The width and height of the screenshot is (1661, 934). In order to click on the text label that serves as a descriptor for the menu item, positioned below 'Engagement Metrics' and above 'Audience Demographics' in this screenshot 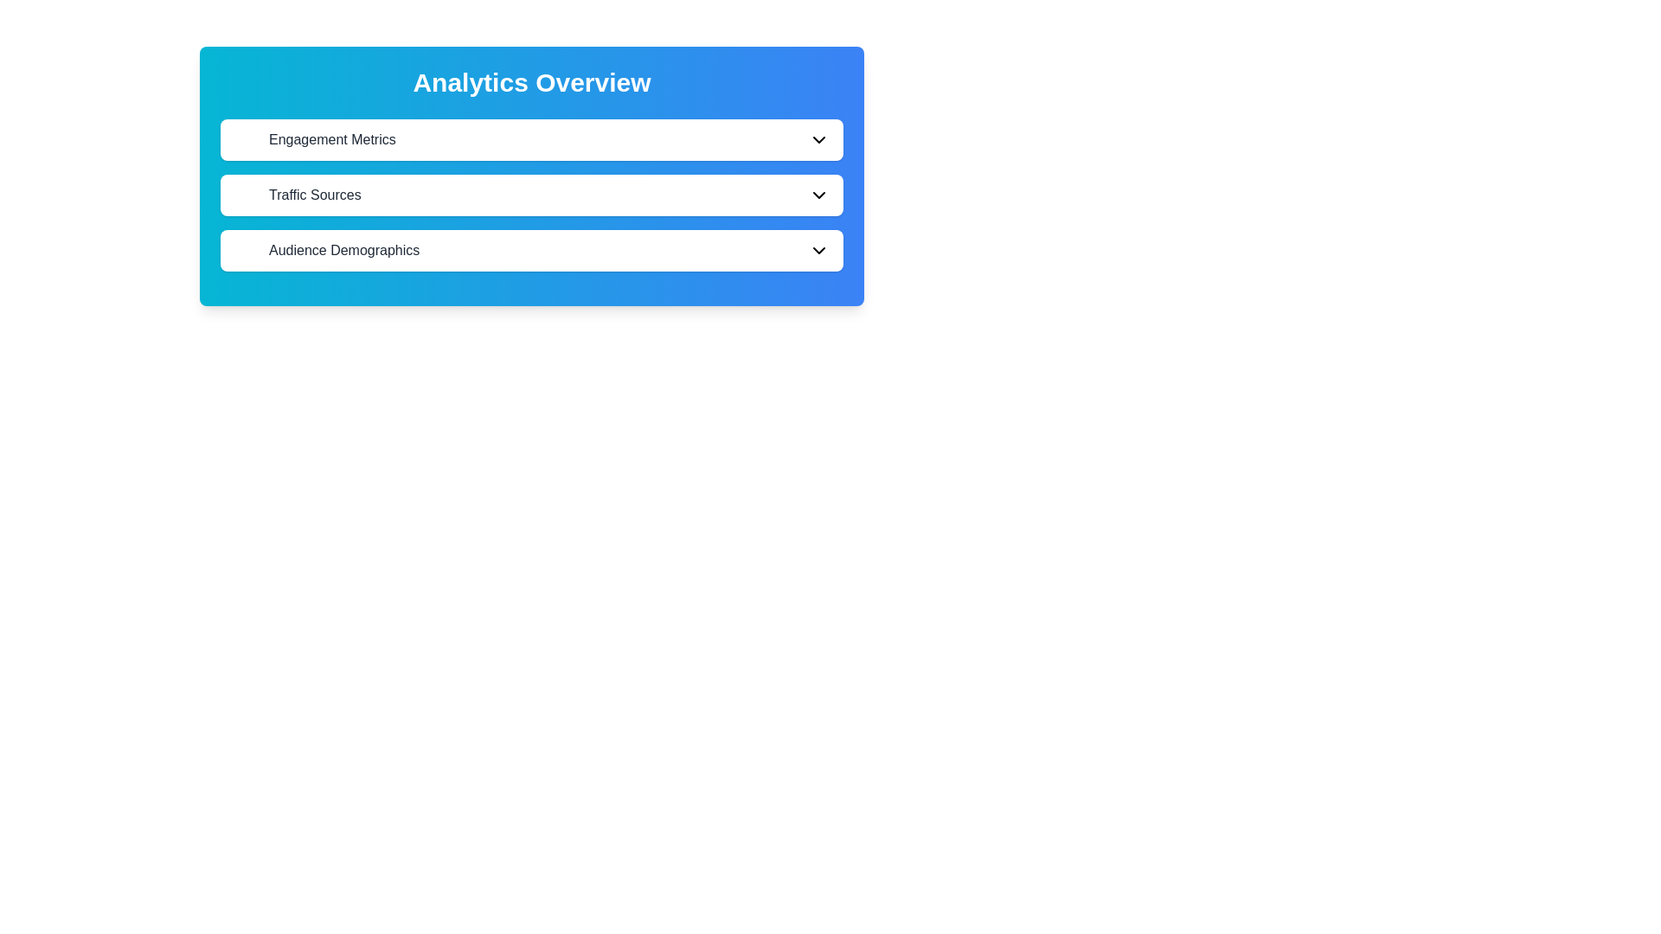, I will do `click(315, 195)`.